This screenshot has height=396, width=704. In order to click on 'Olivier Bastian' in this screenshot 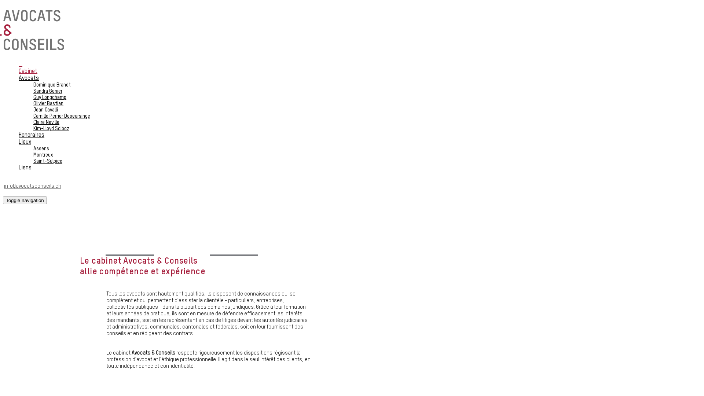, I will do `click(48, 103)`.